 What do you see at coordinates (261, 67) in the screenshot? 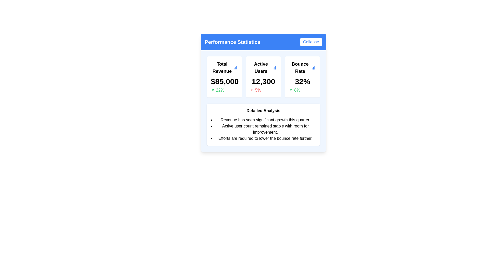
I see `the Text Label indicating 'Active Users' which is positioned above the '12,300' statistic within the card` at bounding box center [261, 67].